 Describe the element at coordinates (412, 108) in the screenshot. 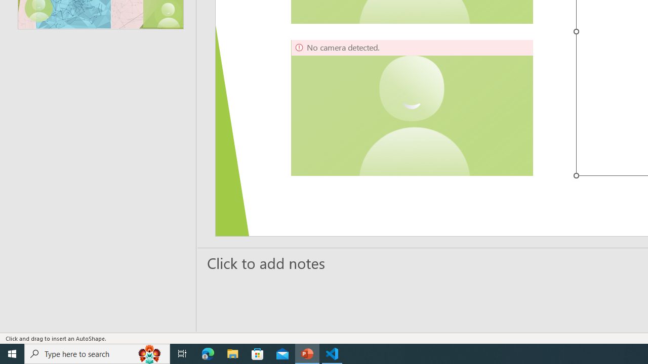

I see `'Camera 5, No camera detected.'` at that location.